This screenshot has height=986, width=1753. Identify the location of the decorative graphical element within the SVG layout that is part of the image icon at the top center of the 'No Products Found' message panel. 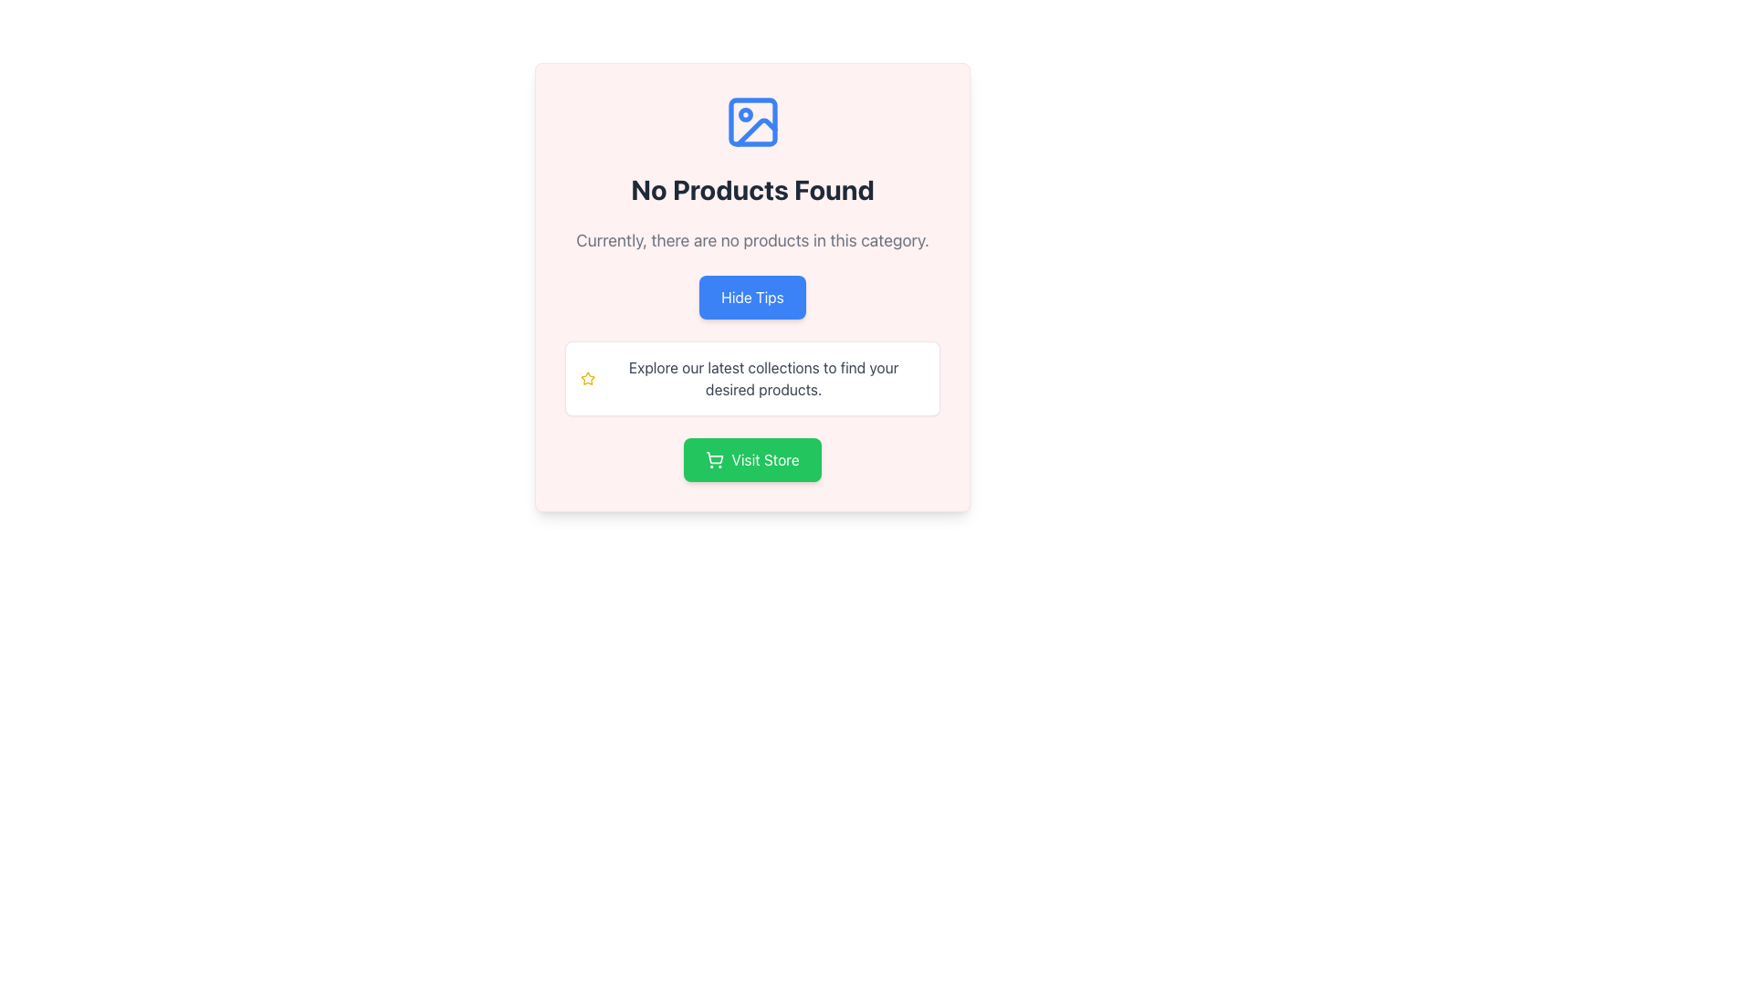
(752, 122).